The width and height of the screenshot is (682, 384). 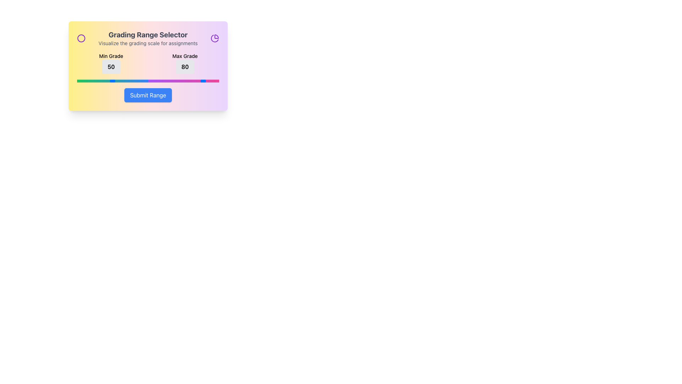 What do you see at coordinates (183, 80) in the screenshot?
I see `the slider value` at bounding box center [183, 80].